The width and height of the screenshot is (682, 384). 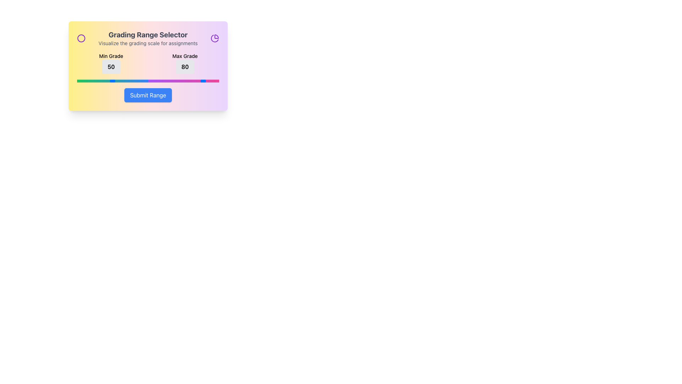 What do you see at coordinates (183, 80) in the screenshot?
I see `the slider value` at bounding box center [183, 80].